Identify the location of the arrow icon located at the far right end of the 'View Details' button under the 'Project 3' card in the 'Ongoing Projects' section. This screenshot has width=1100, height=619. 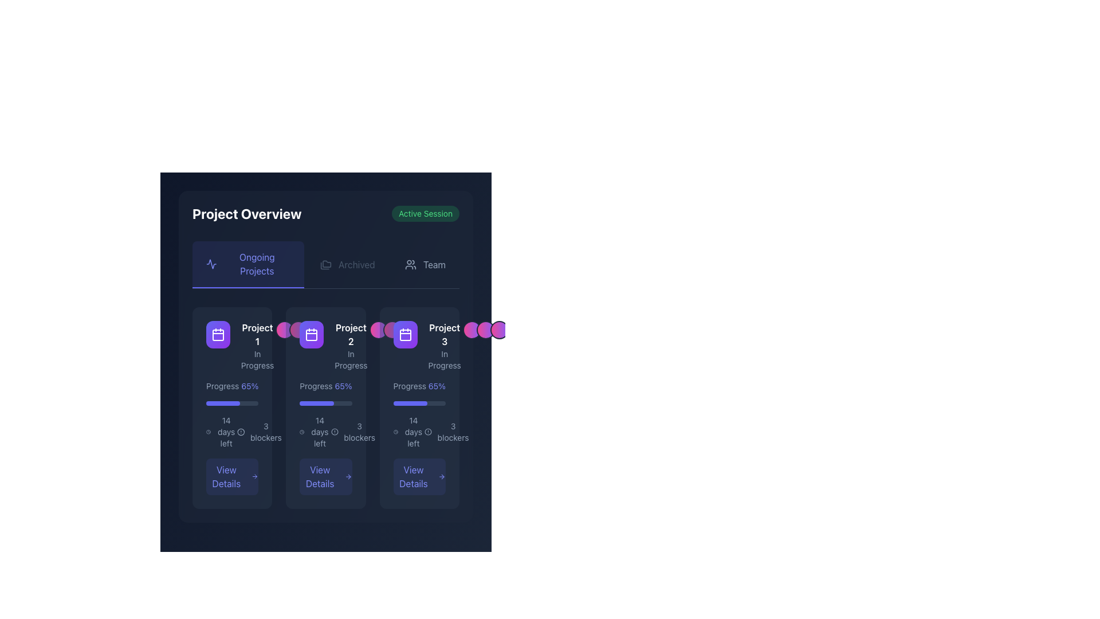
(441, 477).